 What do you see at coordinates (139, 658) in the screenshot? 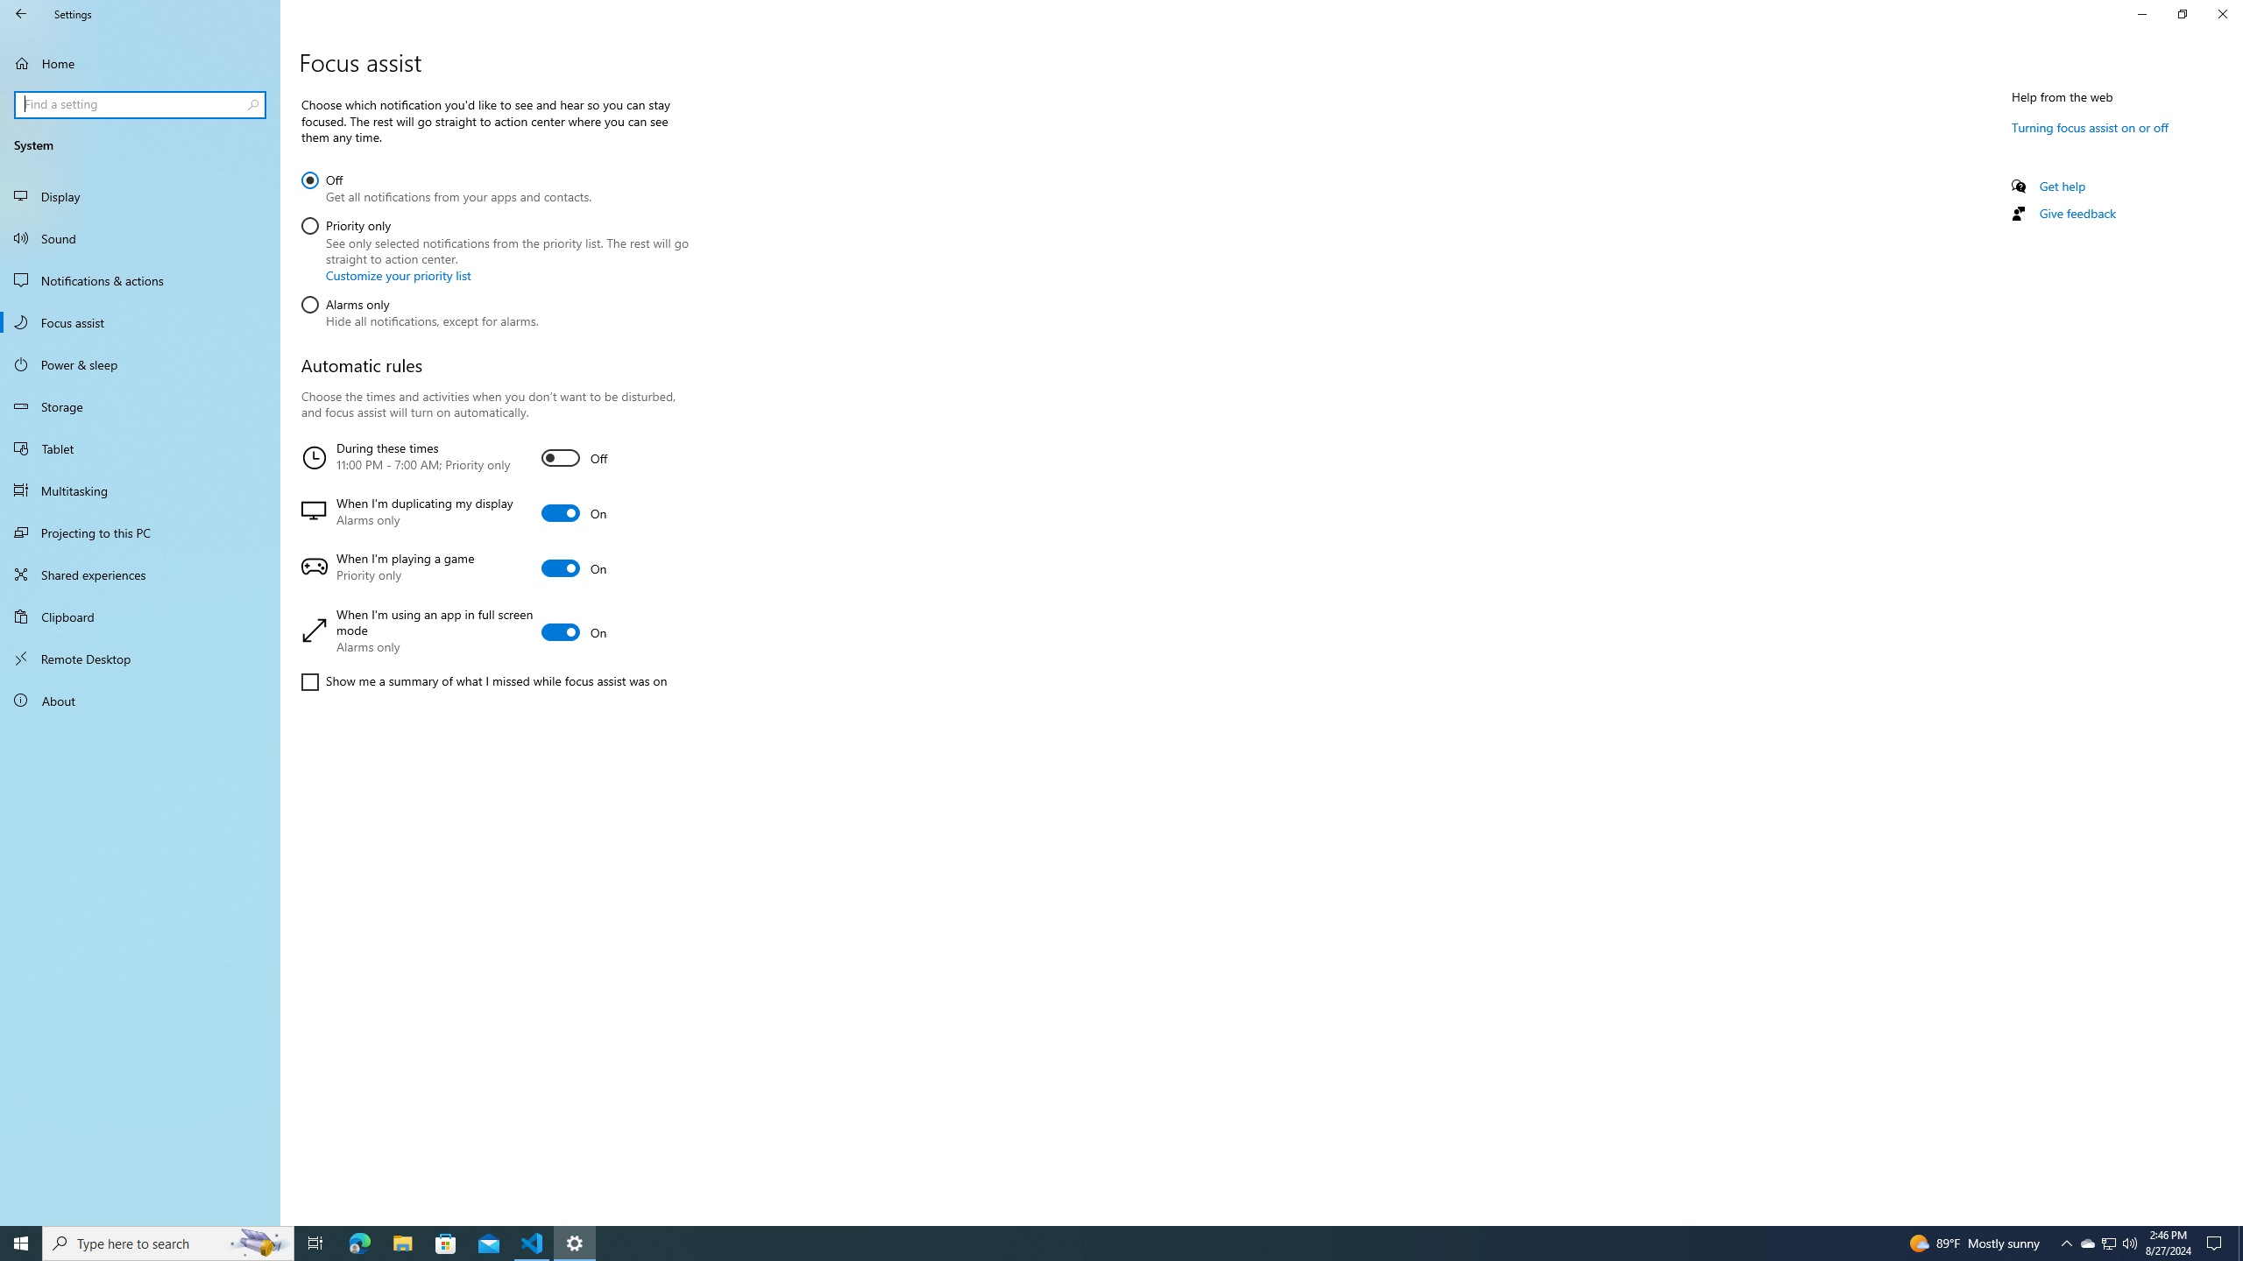
I see `'Remote Desktop'` at bounding box center [139, 658].